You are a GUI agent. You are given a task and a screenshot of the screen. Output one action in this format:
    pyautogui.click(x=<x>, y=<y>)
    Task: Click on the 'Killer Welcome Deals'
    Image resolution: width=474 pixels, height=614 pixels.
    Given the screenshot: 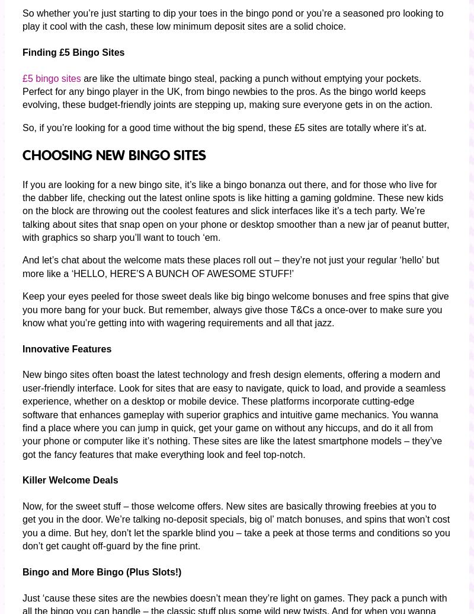 What is the action you would take?
    pyautogui.click(x=69, y=479)
    